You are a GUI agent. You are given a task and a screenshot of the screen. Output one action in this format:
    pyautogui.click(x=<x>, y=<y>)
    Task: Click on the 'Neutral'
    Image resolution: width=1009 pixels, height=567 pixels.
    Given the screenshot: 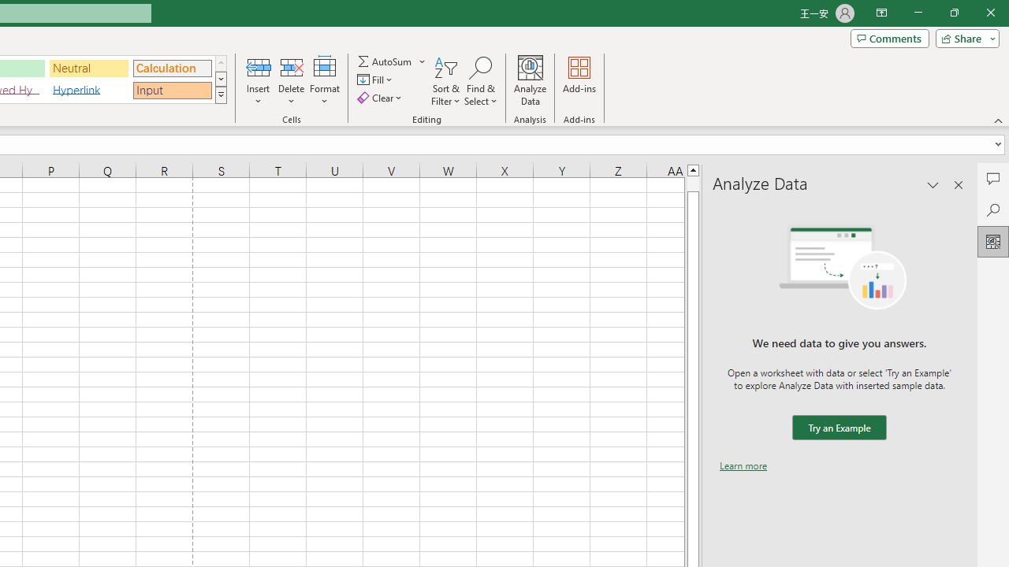 What is the action you would take?
    pyautogui.click(x=88, y=67)
    